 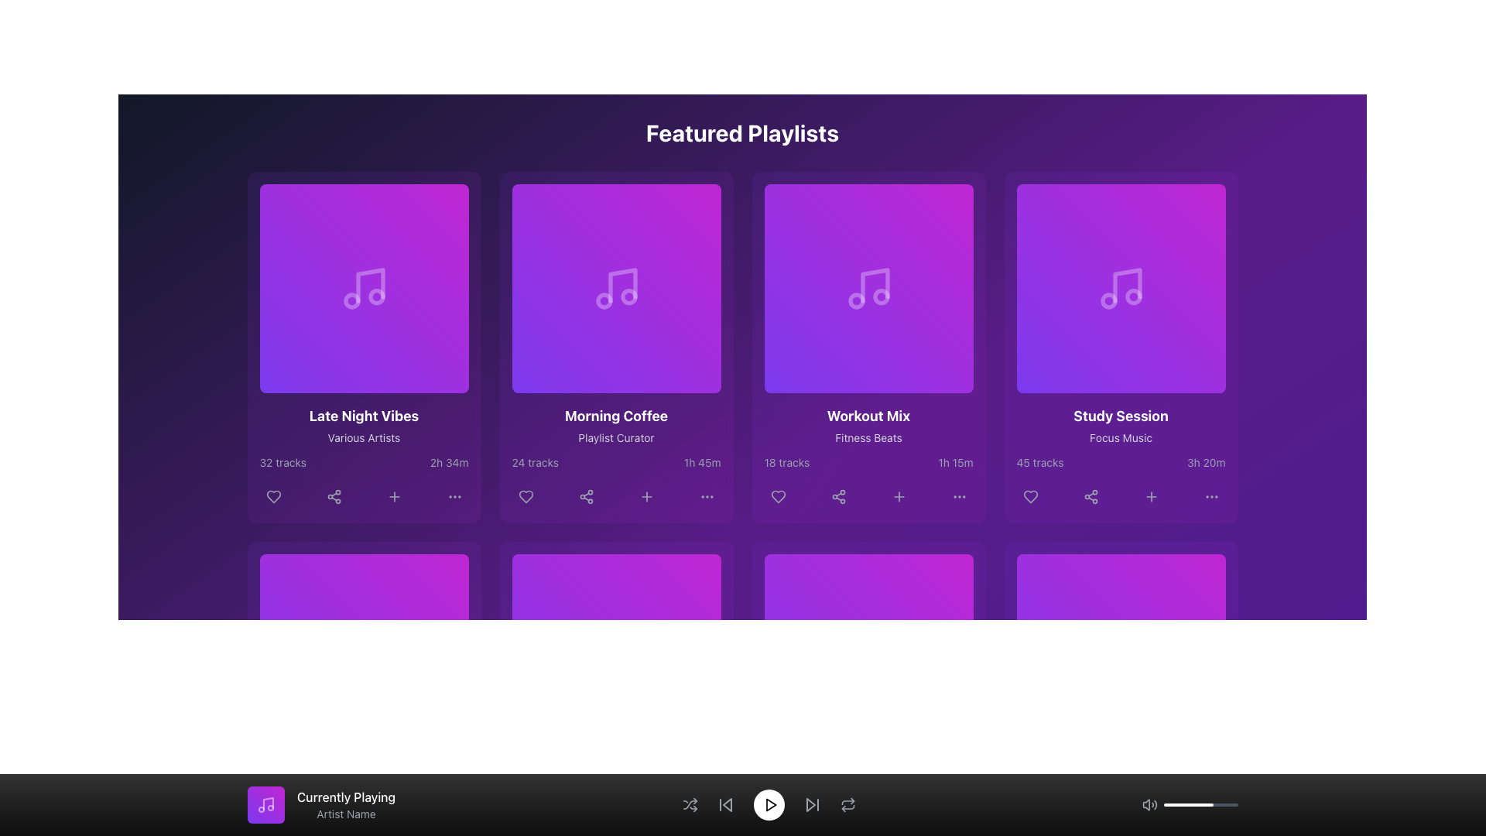 I want to click on the shuffle icon, which is a gray icon representing shuffle functionality located at the bottom central control bar, so click(x=689, y=804).